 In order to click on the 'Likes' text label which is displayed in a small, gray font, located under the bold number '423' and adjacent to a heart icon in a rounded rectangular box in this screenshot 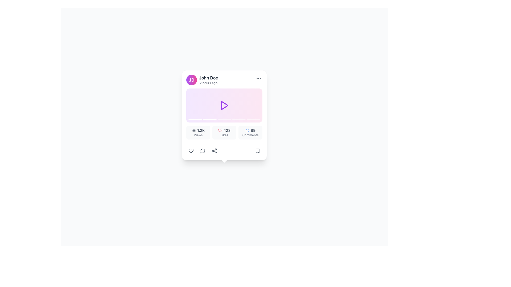, I will do `click(224, 135)`.